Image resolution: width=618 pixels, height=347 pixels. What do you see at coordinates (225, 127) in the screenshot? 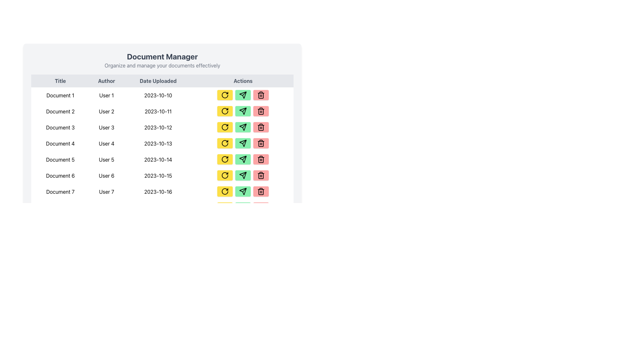
I see `the refresh button located` at bounding box center [225, 127].